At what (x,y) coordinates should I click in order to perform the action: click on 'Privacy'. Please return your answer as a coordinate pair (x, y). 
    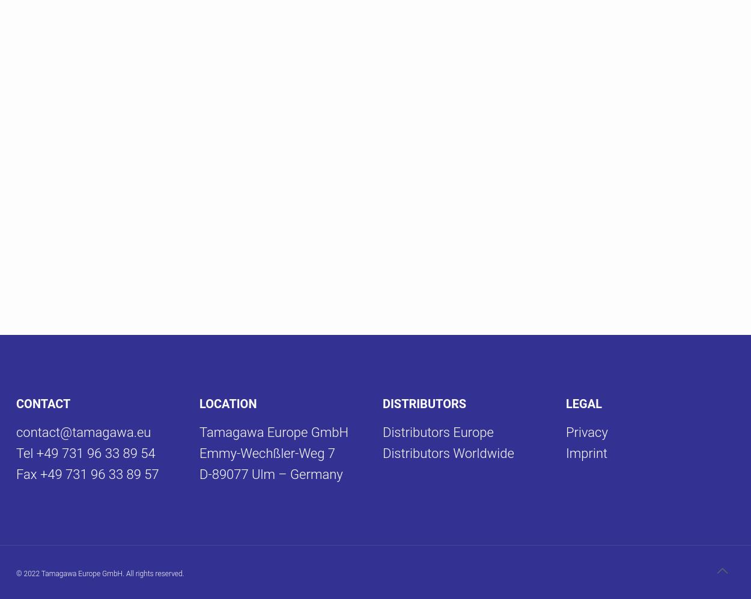
    Looking at the image, I should click on (586, 432).